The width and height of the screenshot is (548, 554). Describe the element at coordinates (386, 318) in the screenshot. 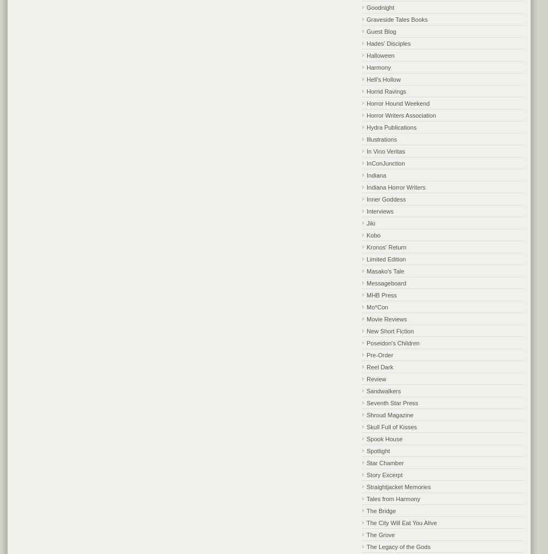

I see `'Movie Reviews'` at that location.